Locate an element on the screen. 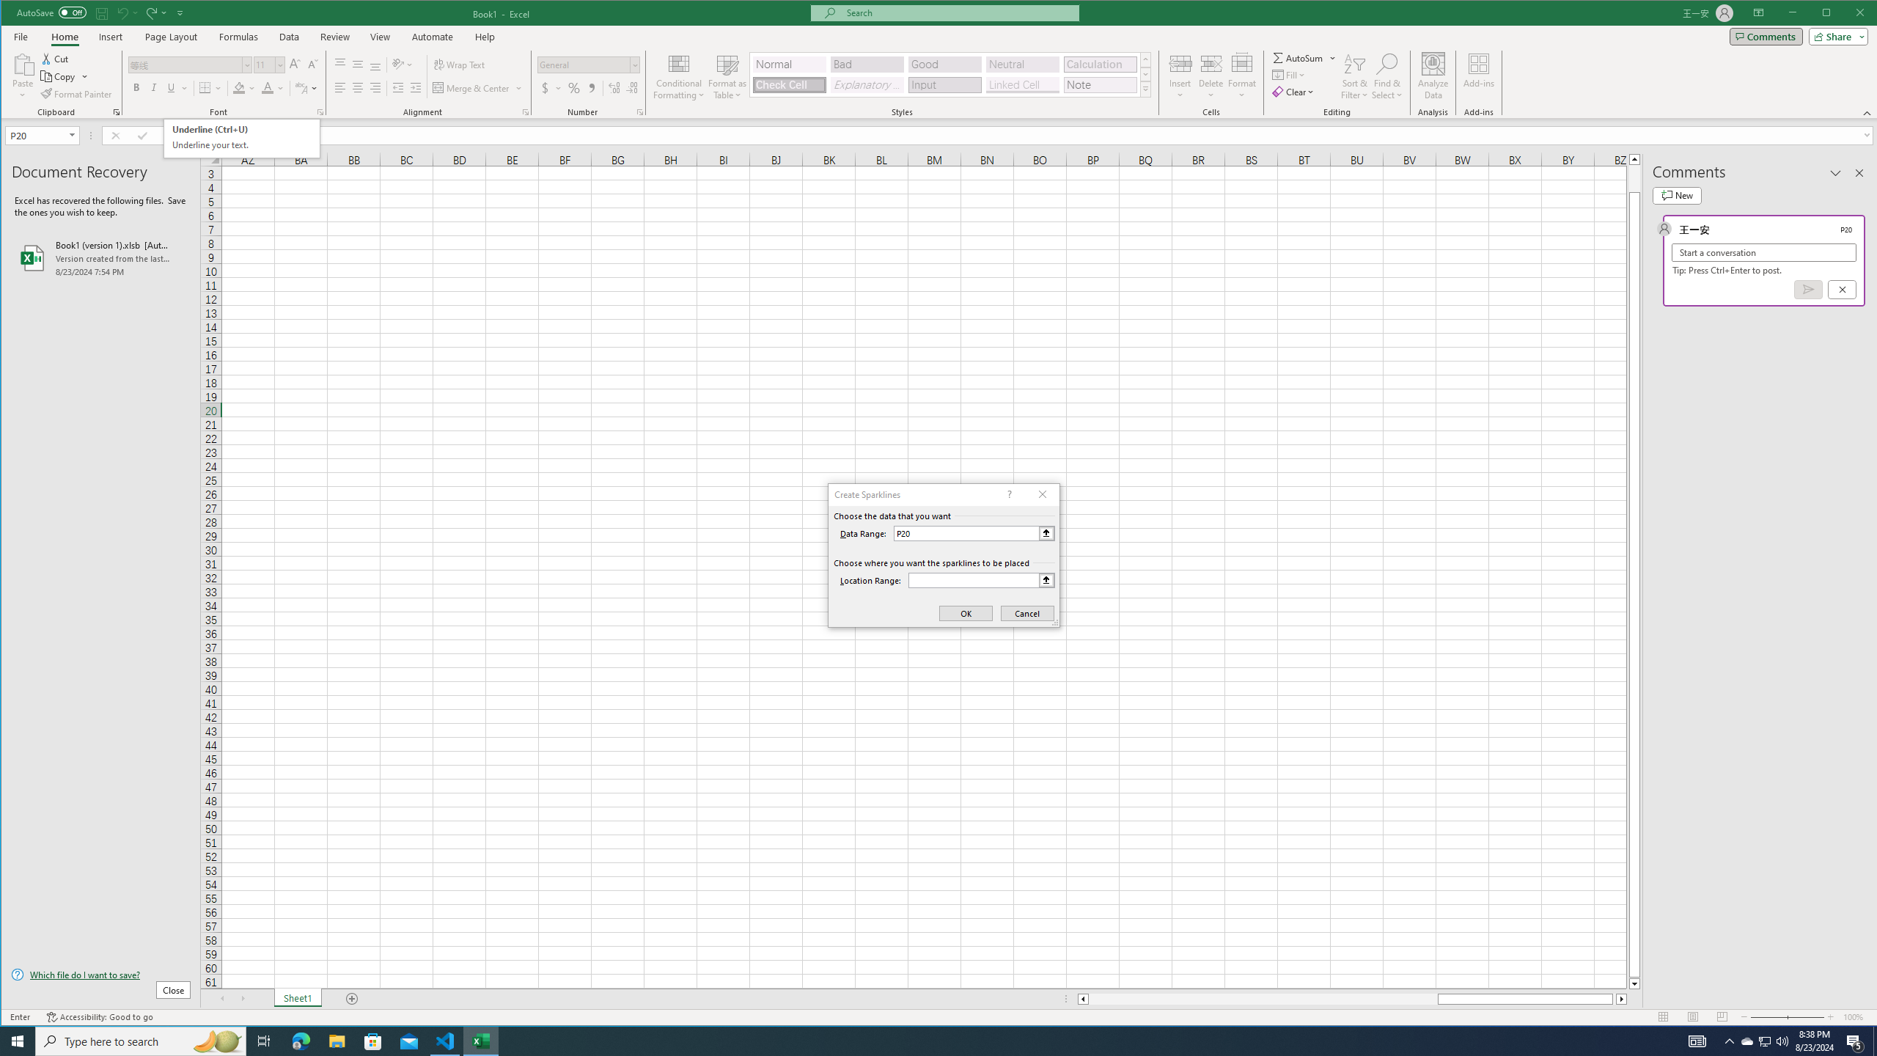 This screenshot has width=1877, height=1056. 'Format as Table' is located at coordinates (727, 76).